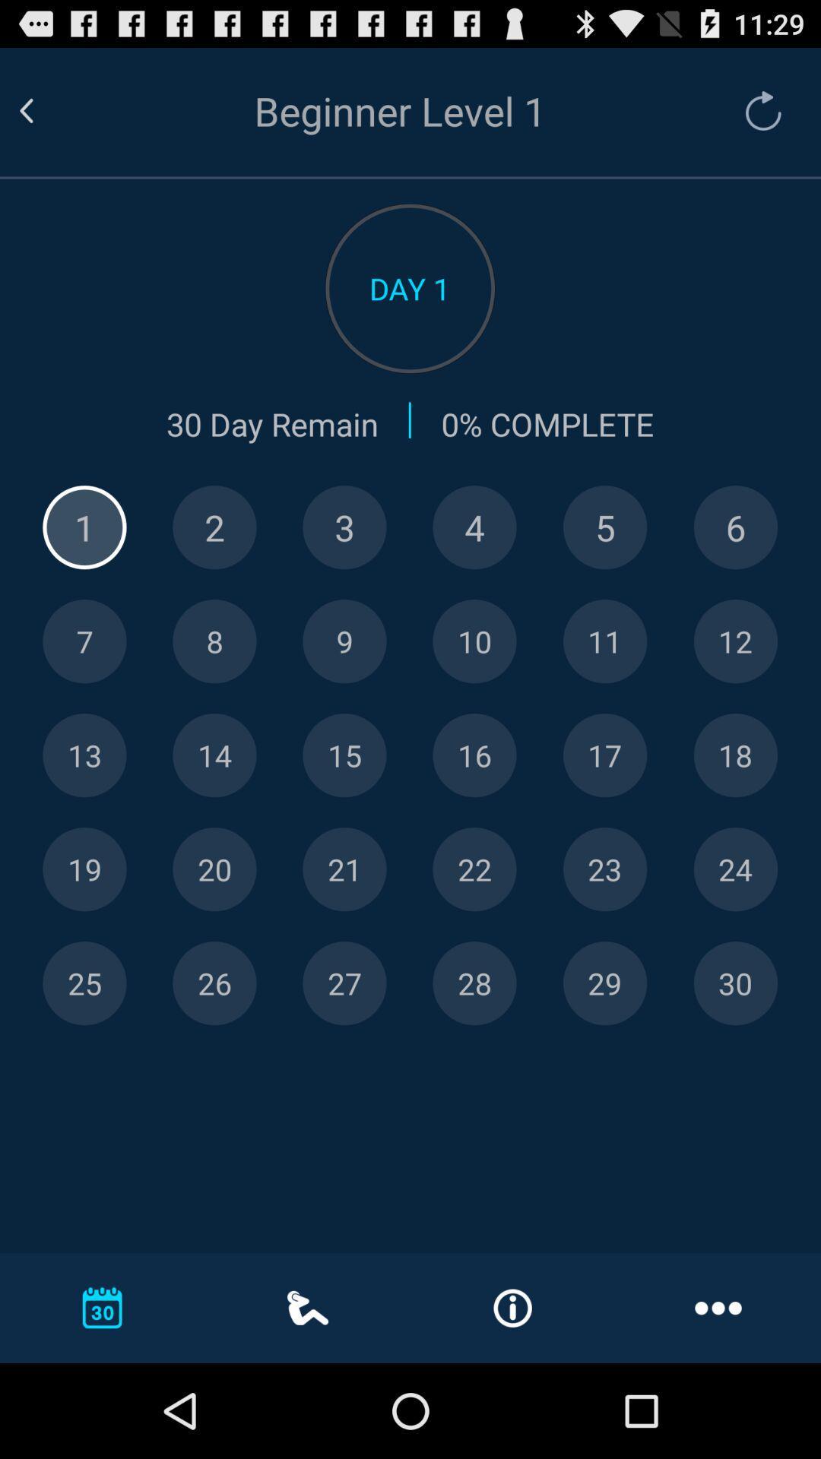 Image resolution: width=821 pixels, height=1459 pixels. I want to click on jump to this date, so click(474, 869).